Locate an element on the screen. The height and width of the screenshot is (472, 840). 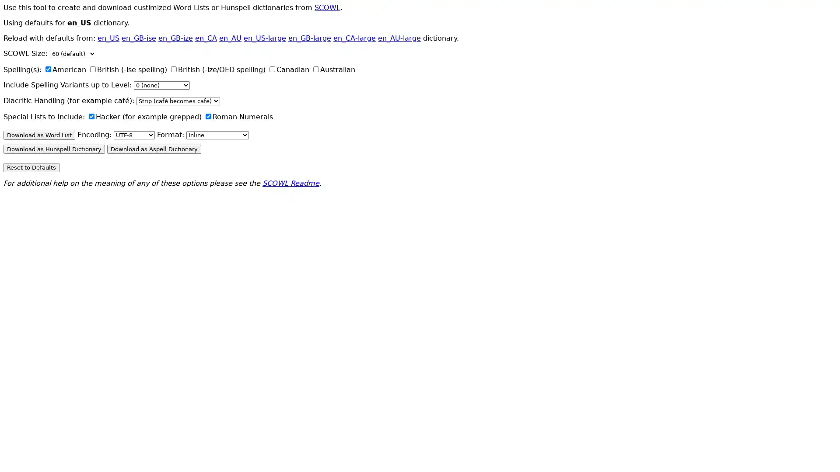
Download as Aspell Dictionary is located at coordinates (154, 149).